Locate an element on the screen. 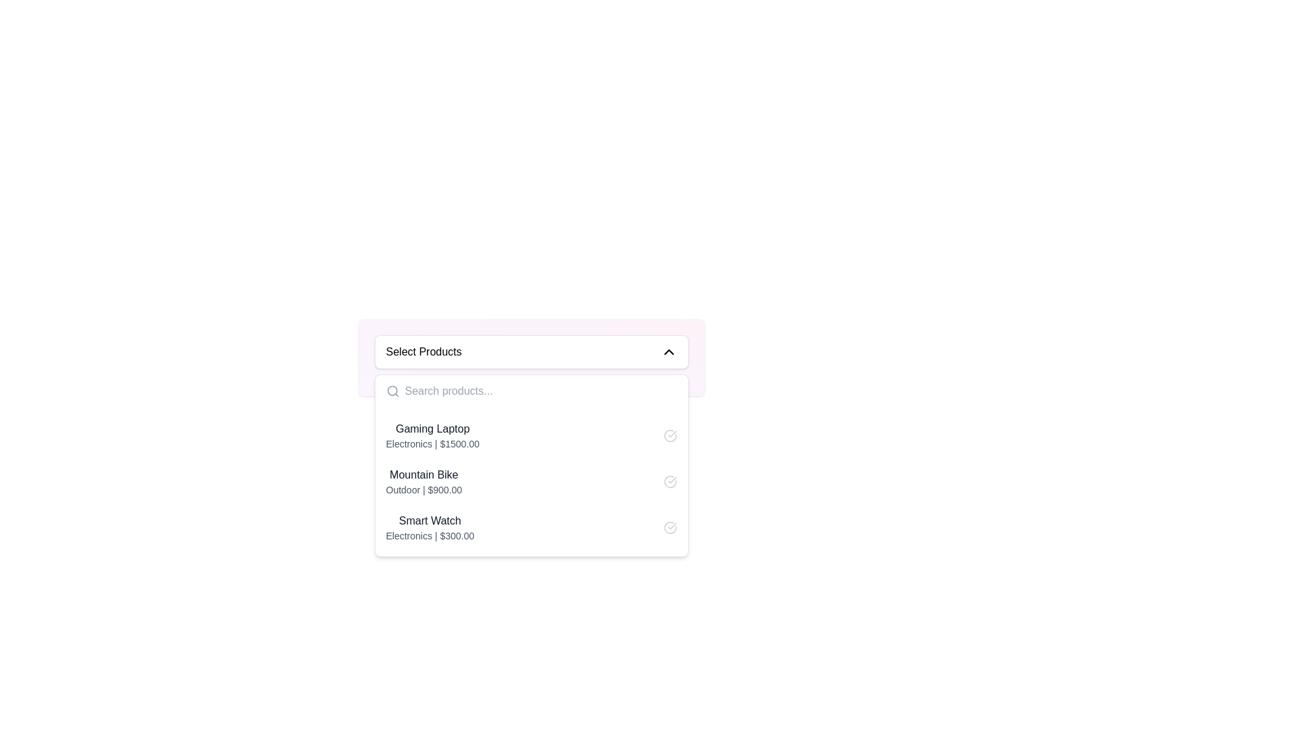 The image size is (1299, 730). the selectable list entry for 'Mountain Bike', which is the second item in the dropdown list is located at coordinates (530, 481).